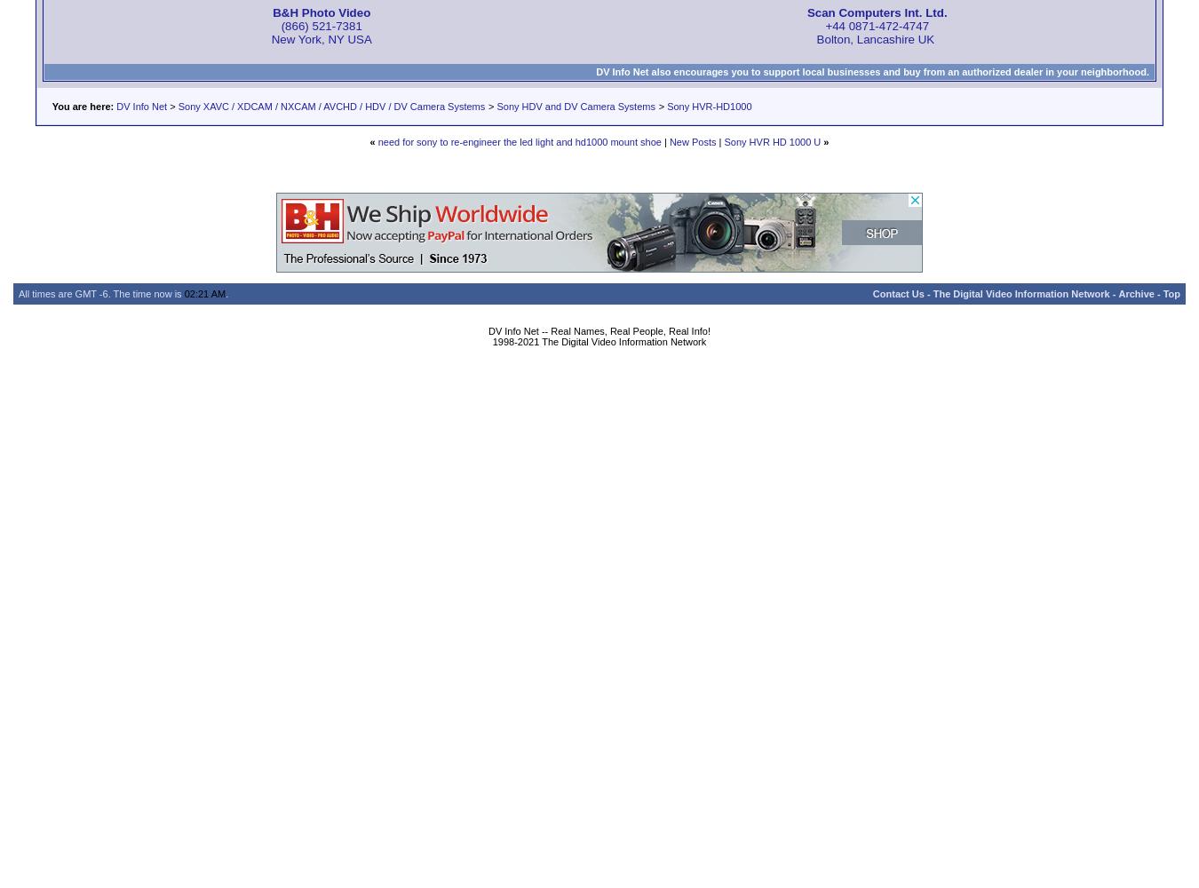 Image resolution: width=1199 pixels, height=888 pixels. Describe the element at coordinates (875, 38) in the screenshot. I see `'Bolton, Lancashire UK'` at that location.